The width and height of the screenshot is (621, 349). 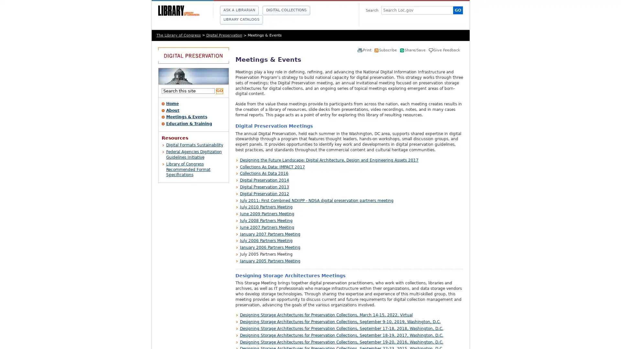 What do you see at coordinates (457, 10) in the screenshot?
I see `GO` at bounding box center [457, 10].